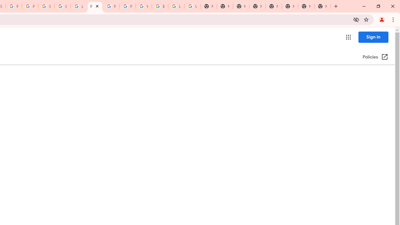 The image size is (400, 225). Describe the element at coordinates (375, 57) in the screenshot. I see `'Policies (Open in a new window)'` at that location.